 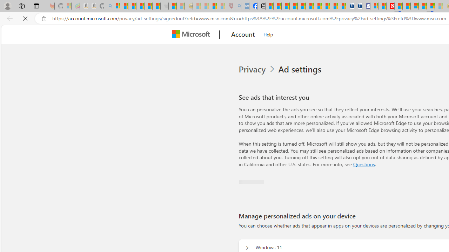 What do you see at coordinates (246, 247) in the screenshot?
I see `'Manage personalized ads on your device Windows 11'` at bounding box center [246, 247].